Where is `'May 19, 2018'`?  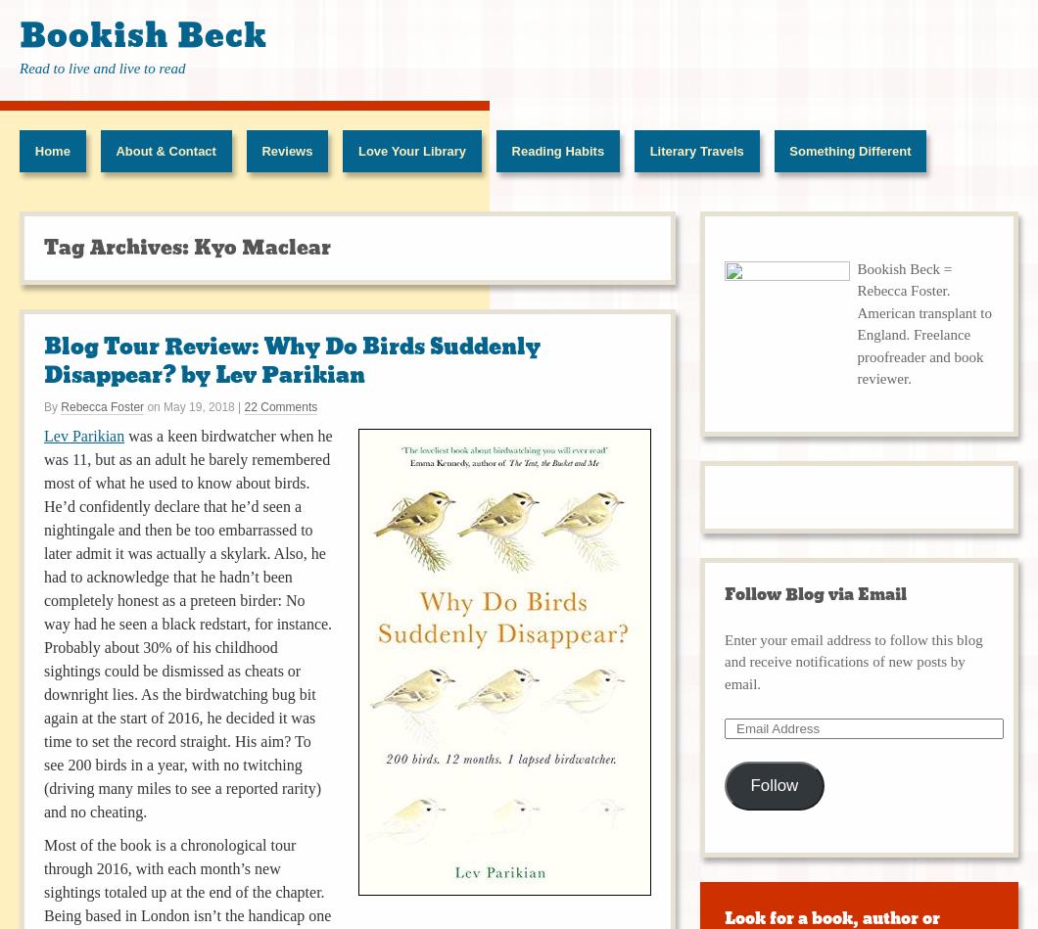 'May 19, 2018' is located at coordinates (197, 405).